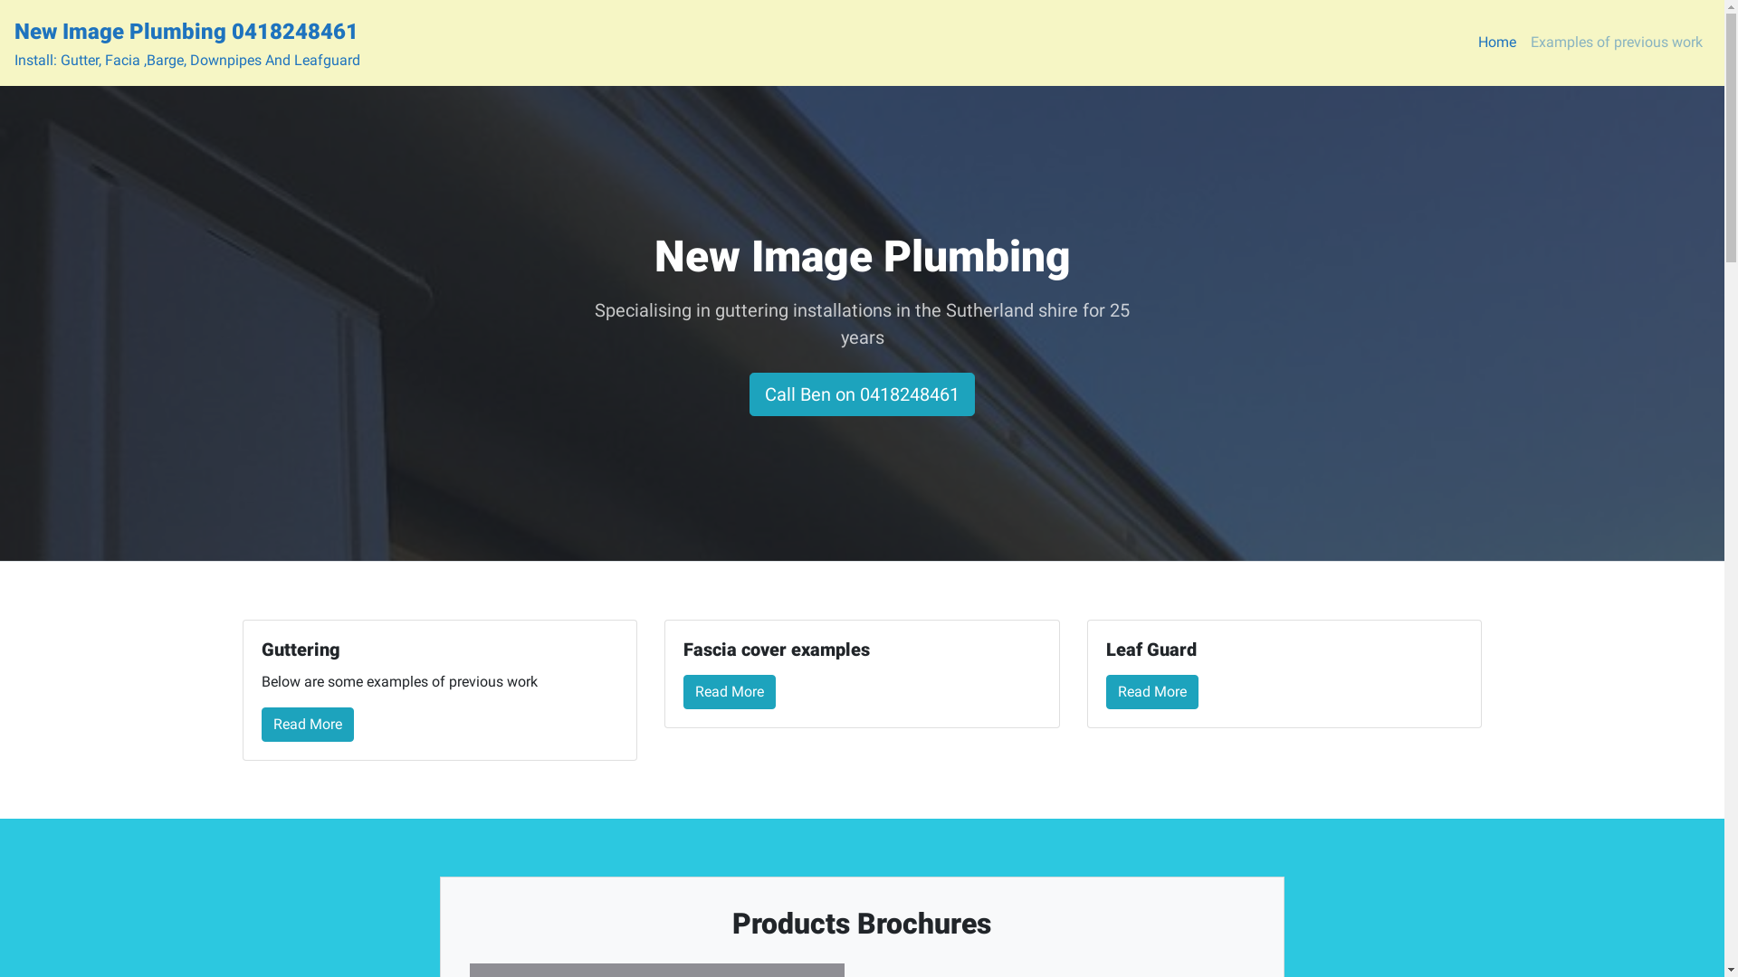 This screenshot has height=977, width=1738. What do you see at coordinates (1151, 691) in the screenshot?
I see `'Read More'` at bounding box center [1151, 691].